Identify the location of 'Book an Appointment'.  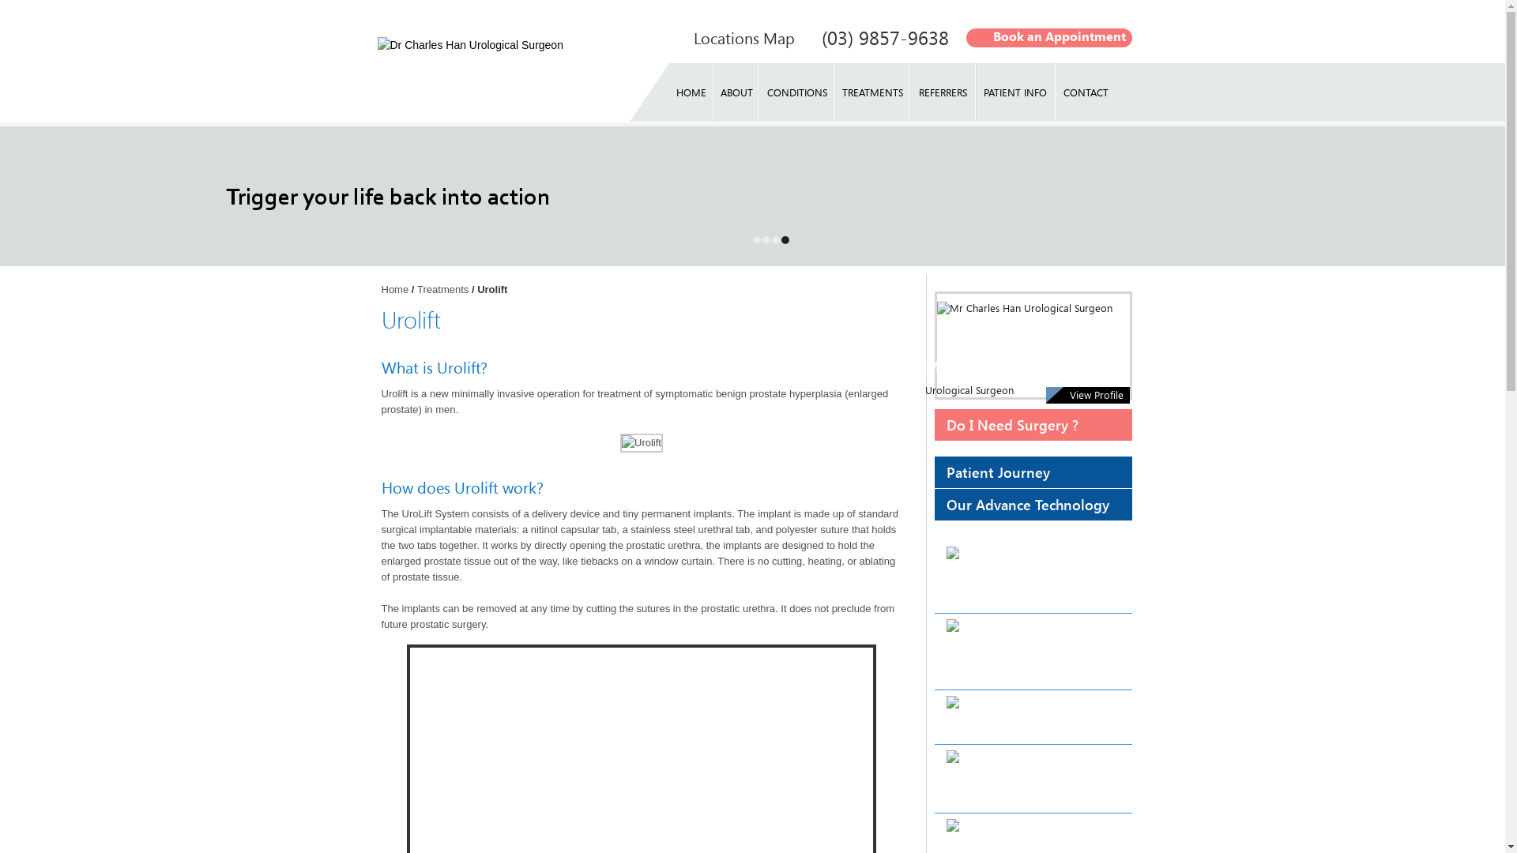
(1048, 36).